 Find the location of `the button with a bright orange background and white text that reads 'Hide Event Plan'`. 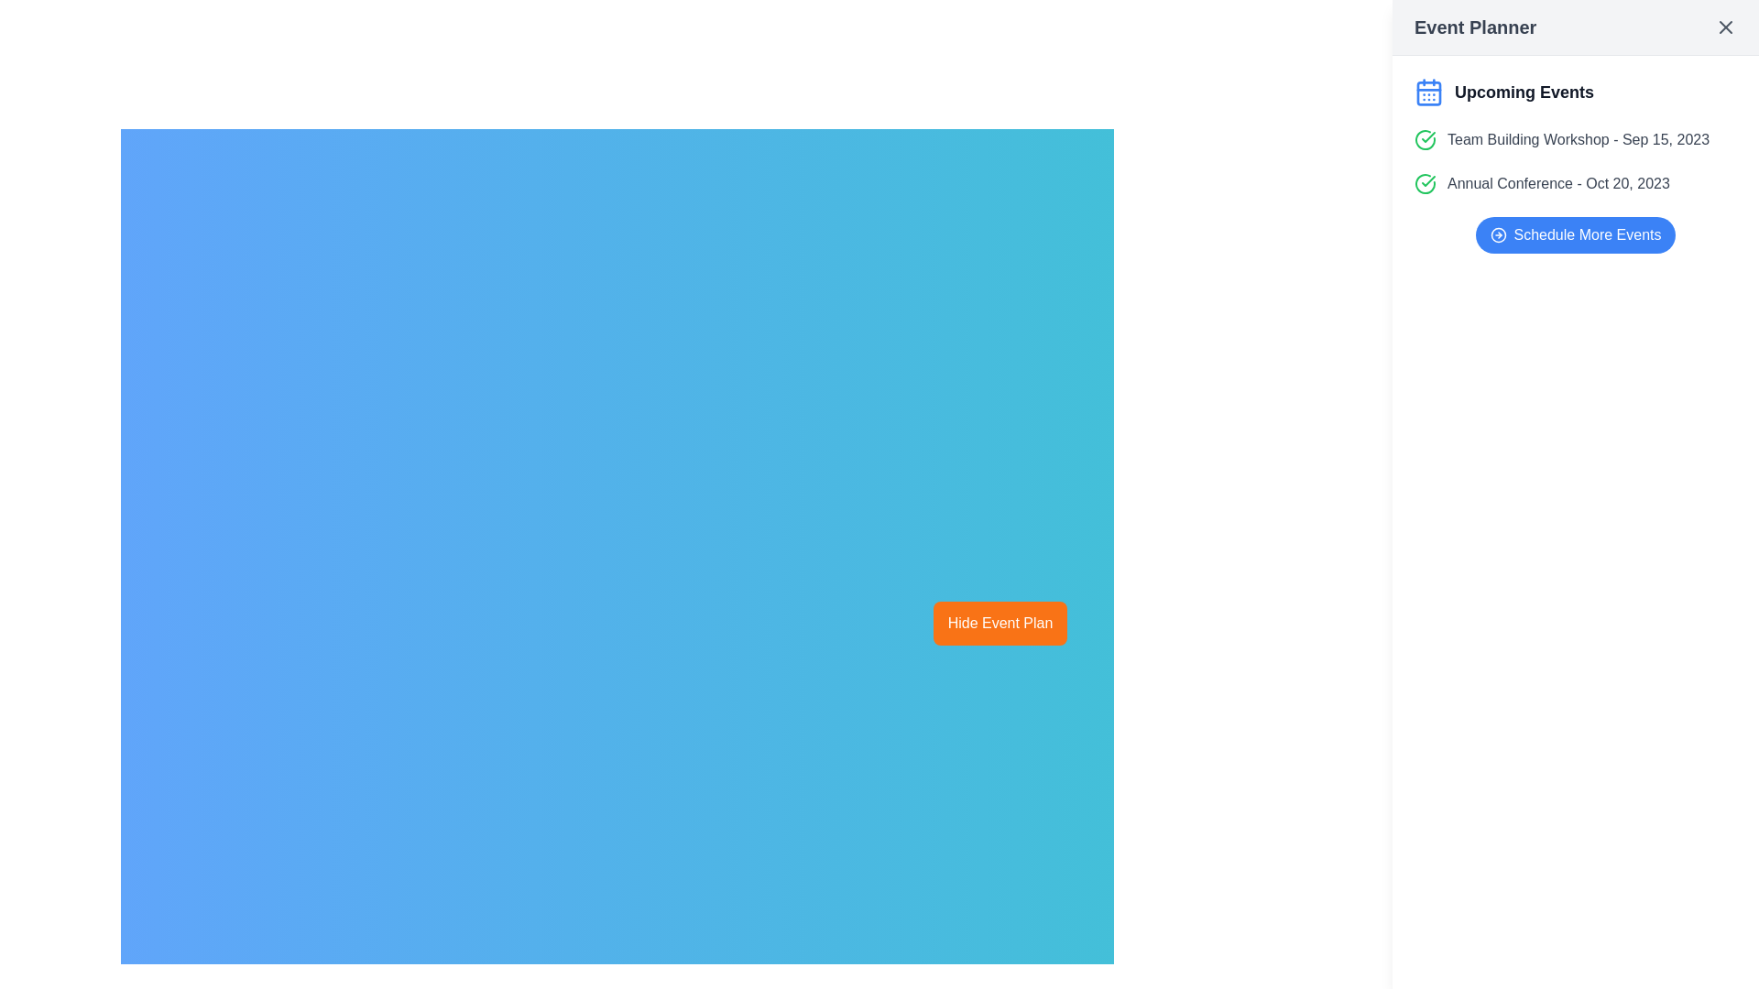

the button with a bright orange background and white text that reads 'Hide Event Plan' is located at coordinates (999, 623).